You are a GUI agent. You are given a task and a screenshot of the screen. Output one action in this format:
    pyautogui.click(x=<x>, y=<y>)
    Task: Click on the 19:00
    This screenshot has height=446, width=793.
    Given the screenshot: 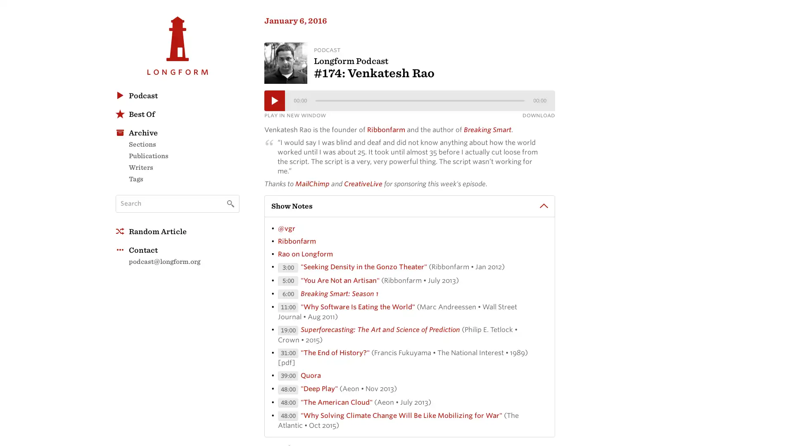 What is the action you would take?
    pyautogui.click(x=288, y=332)
    